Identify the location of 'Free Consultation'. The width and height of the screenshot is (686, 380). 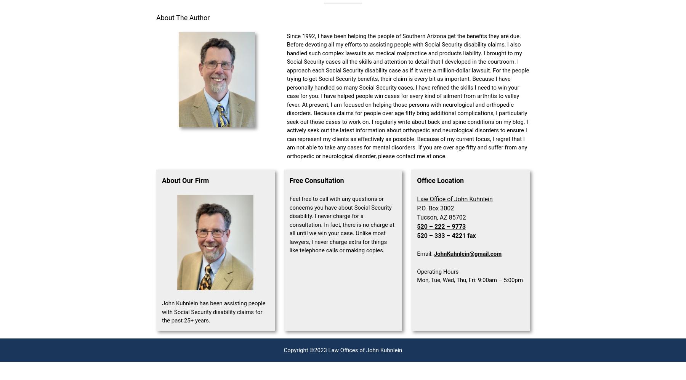
(316, 180).